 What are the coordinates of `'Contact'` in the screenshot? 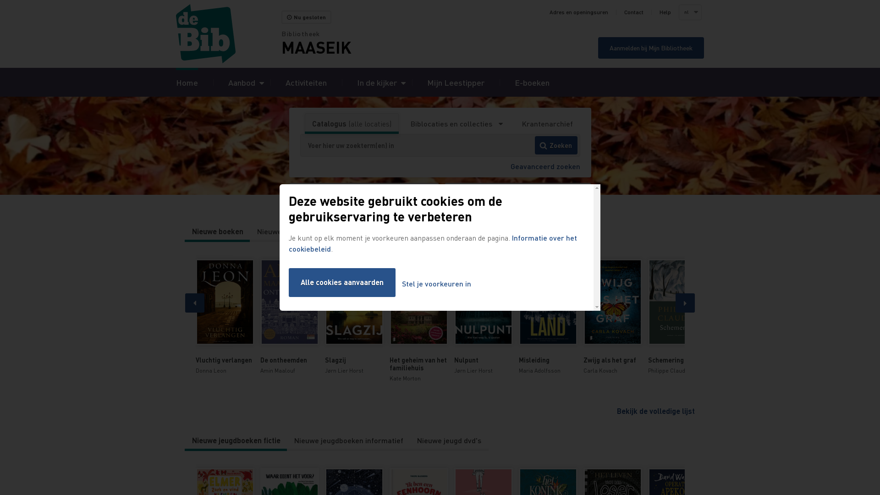 It's located at (633, 12).